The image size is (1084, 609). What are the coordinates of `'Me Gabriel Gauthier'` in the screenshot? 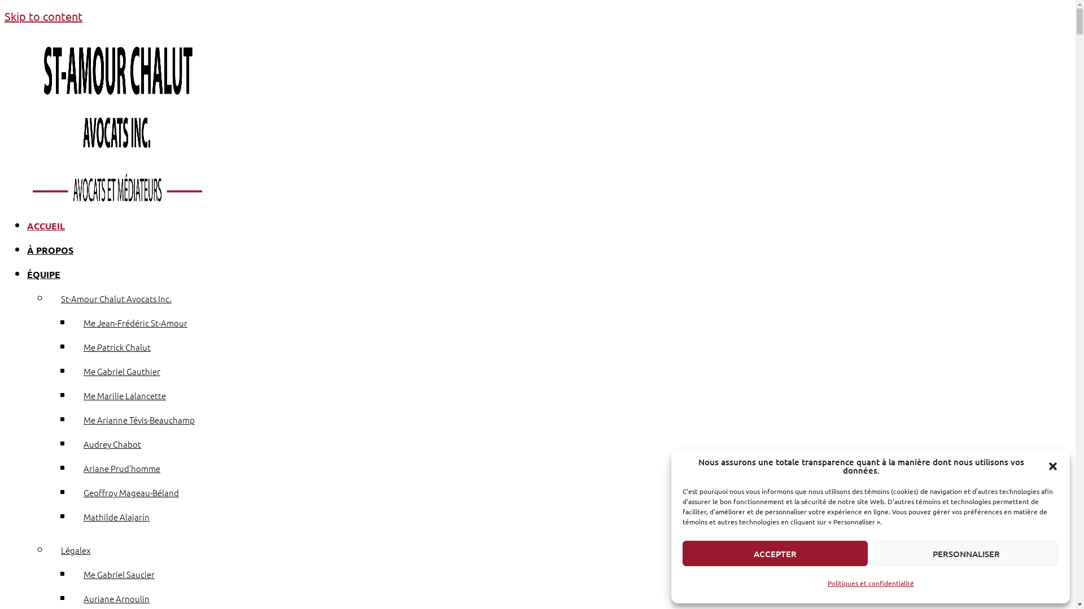 It's located at (72, 371).